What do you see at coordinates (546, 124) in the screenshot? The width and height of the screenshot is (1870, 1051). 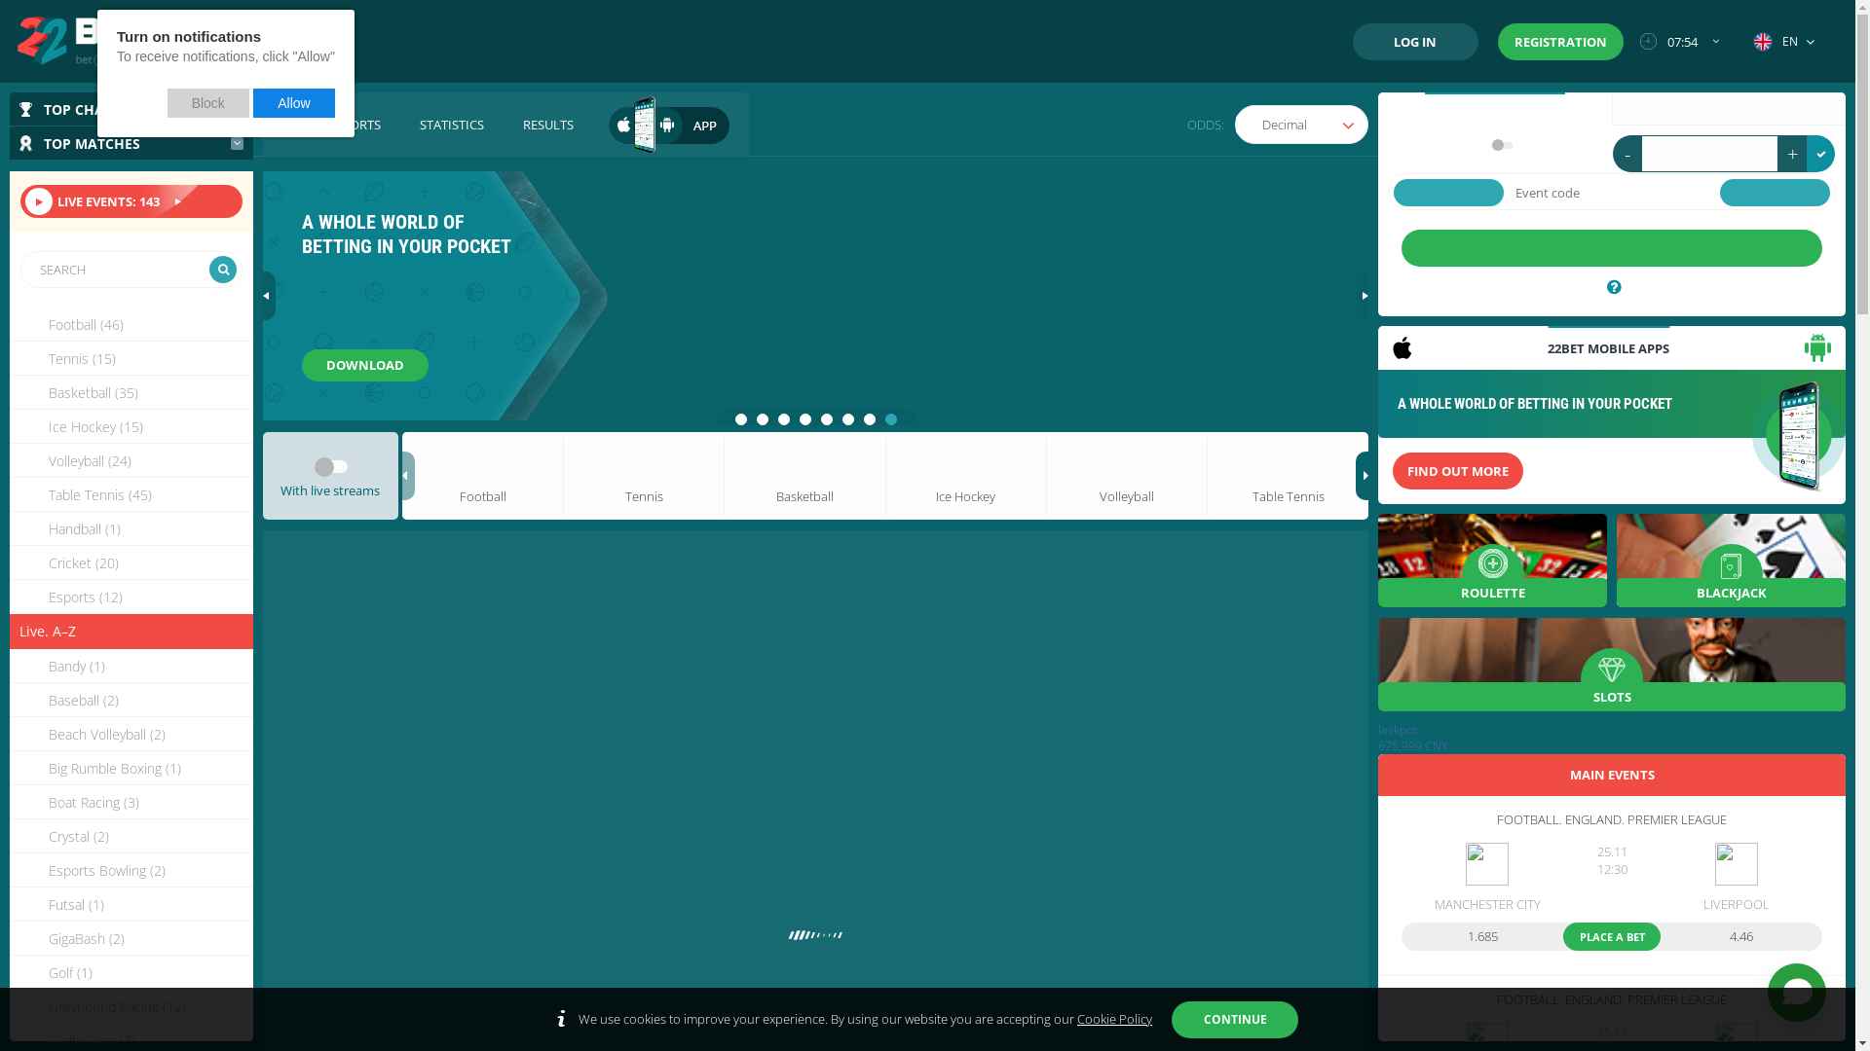 I see `'RESULTS'` at bounding box center [546, 124].